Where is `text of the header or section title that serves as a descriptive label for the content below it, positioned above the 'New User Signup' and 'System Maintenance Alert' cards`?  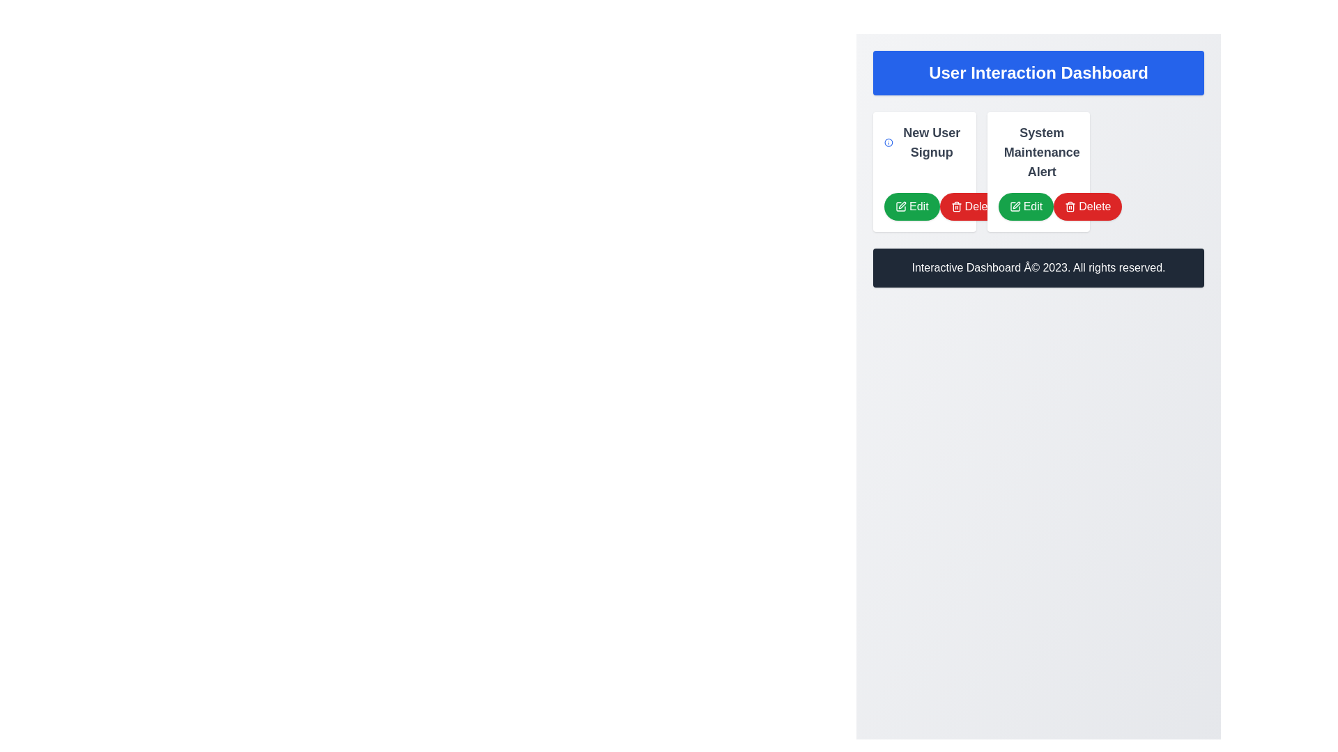
text of the header or section title that serves as a descriptive label for the content below it, positioned above the 'New User Signup' and 'System Maintenance Alert' cards is located at coordinates (1038, 72).